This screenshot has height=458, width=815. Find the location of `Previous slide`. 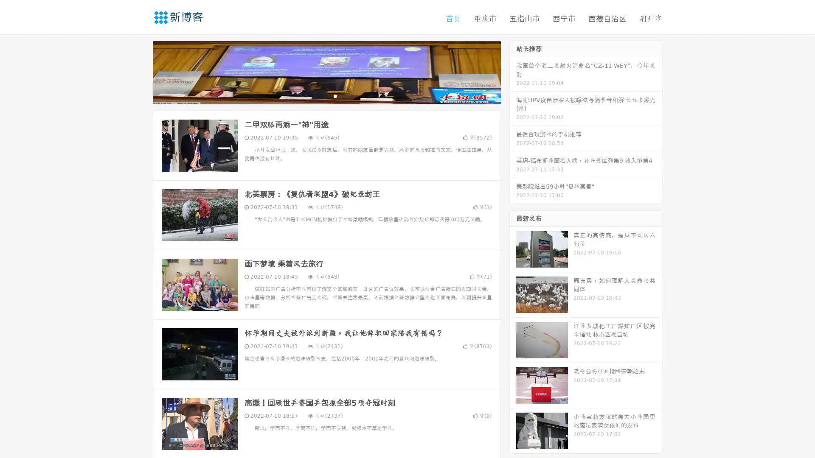

Previous slide is located at coordinates (140, 71).